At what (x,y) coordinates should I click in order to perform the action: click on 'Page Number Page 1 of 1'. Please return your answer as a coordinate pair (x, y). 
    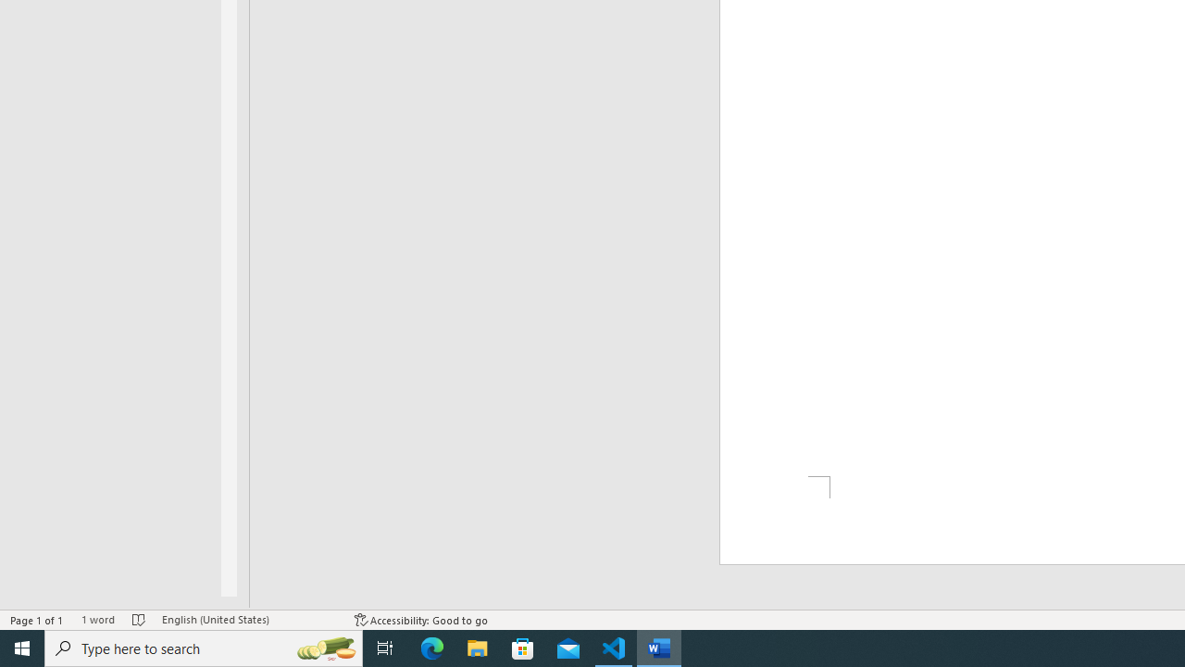
    Looking at the image, I should click on (37, 620).